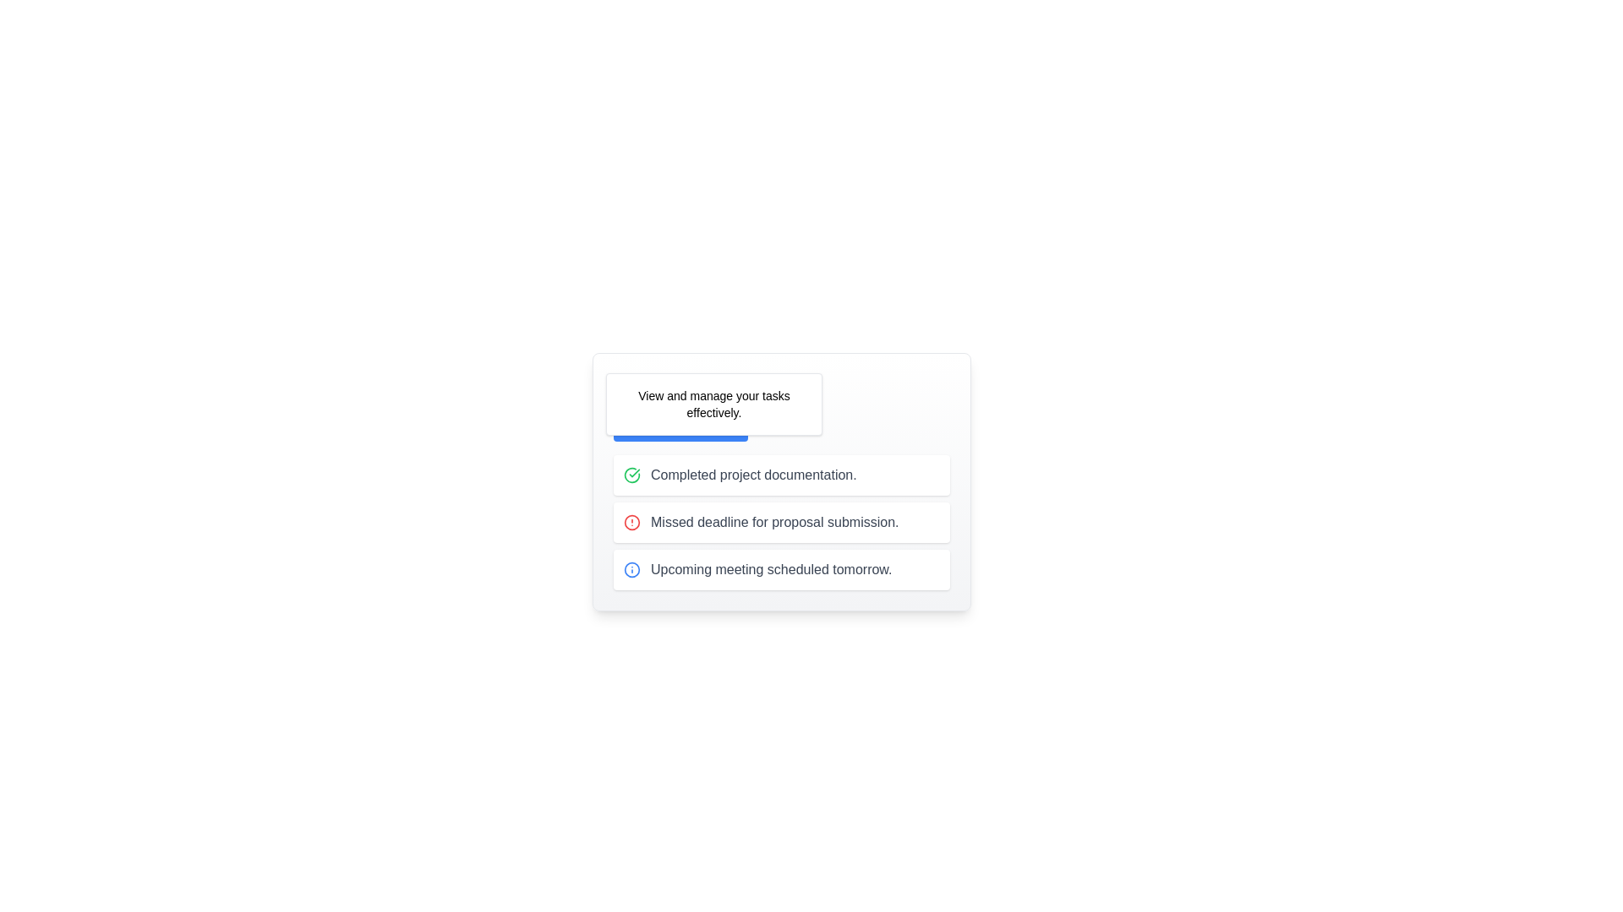 This screenshot has height=912, width=1623. Describe the element at coordinates (752, 475) in the screenshot. I see `the text label that says 'Completed project documentation.' which is styled in gray font and positioned next to a green checkmark icon, indicating completion` at that location.